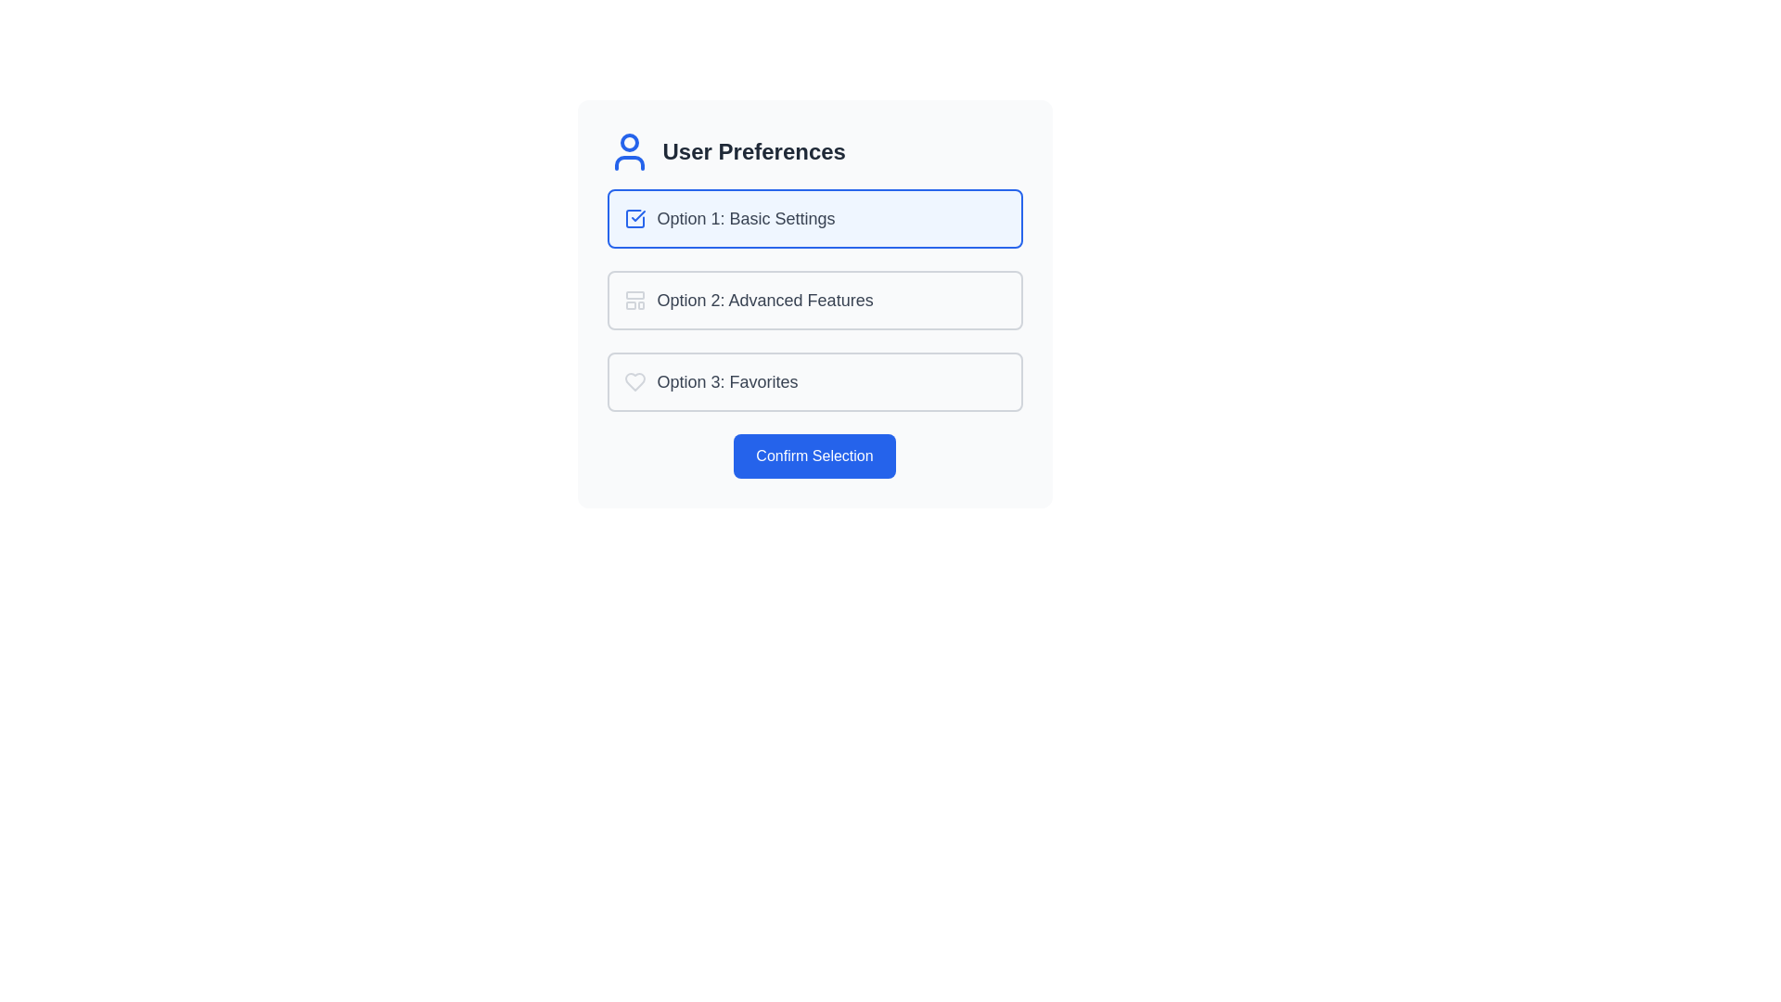 This screenshot has height=1002, width=1781. What do you see at coordinates (814, 300) in the screenshot?
I see `the horizontally aligned rectangular selectable button labeled 'Option 2: Advanced Features'` at bounding box center [814, 300].